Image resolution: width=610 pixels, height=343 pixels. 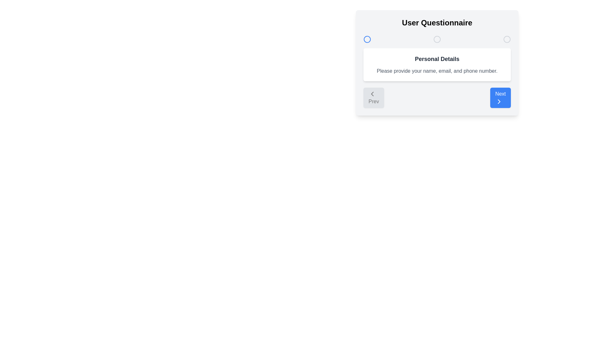 I want to click on the Prev button to navigate the questionnaire, so click(x=374, y=98).